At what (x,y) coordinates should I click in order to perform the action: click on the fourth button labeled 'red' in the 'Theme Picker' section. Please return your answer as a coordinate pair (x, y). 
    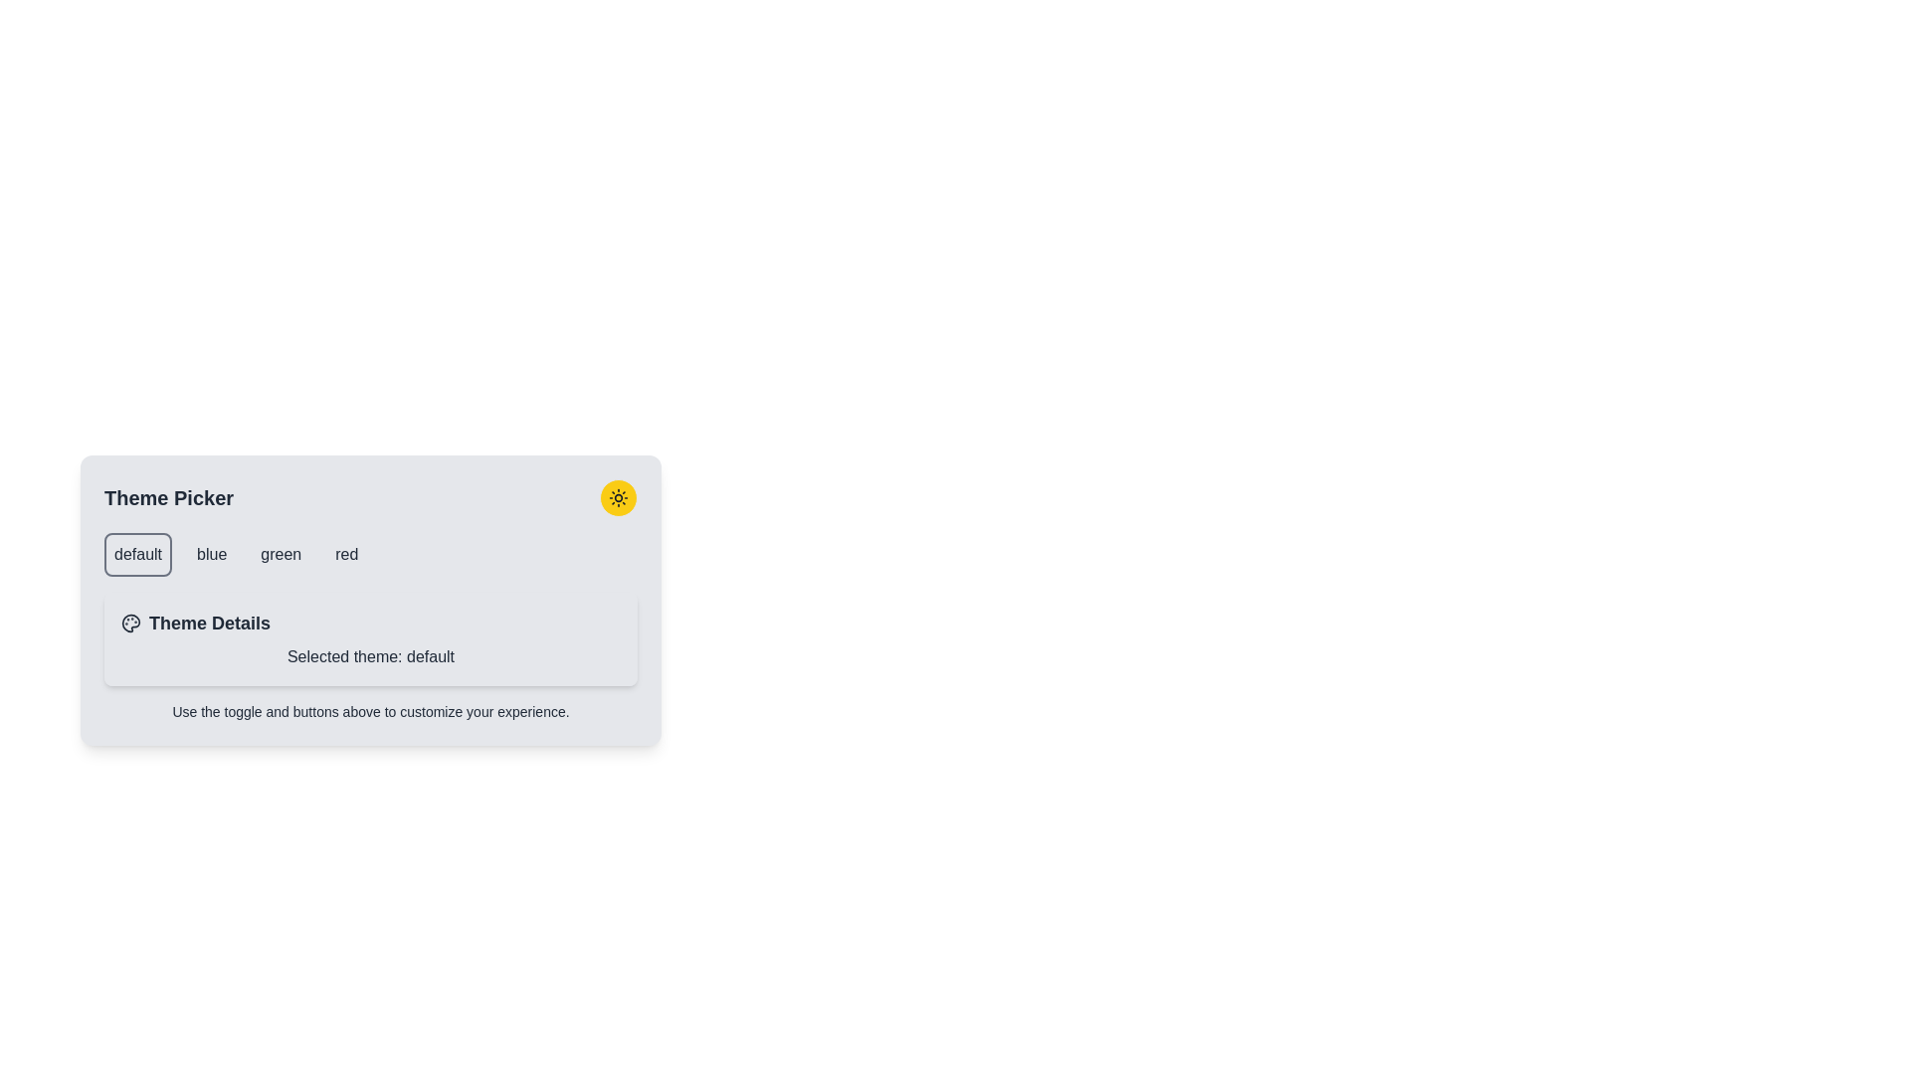
    Looking at the image, I should click on (346, 555).